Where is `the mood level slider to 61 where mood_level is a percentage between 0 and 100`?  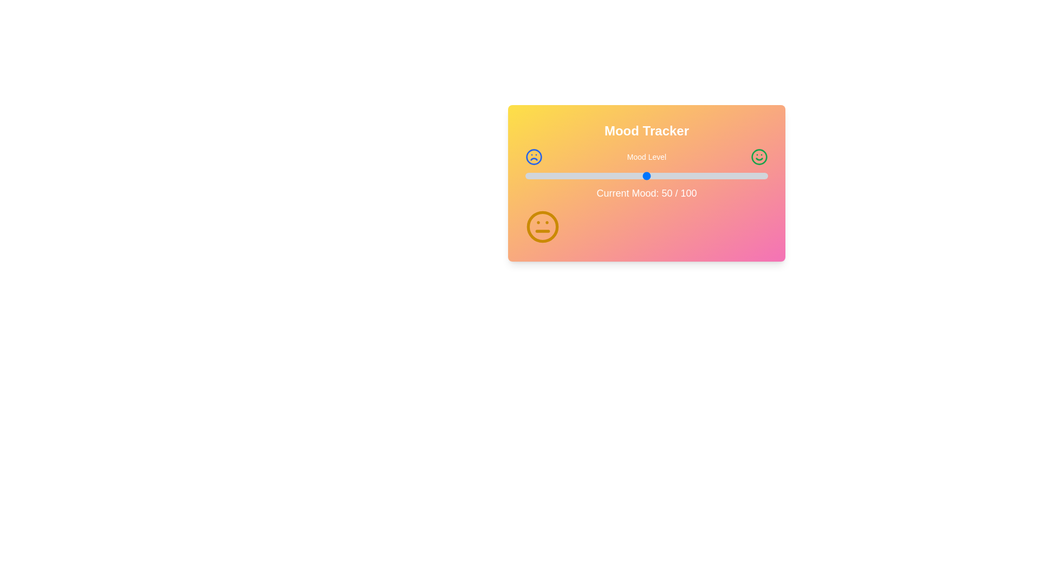
the mood level slider to 61 where mood_level is a percentage between 0 and 100 is located at coordinates (673, 175).